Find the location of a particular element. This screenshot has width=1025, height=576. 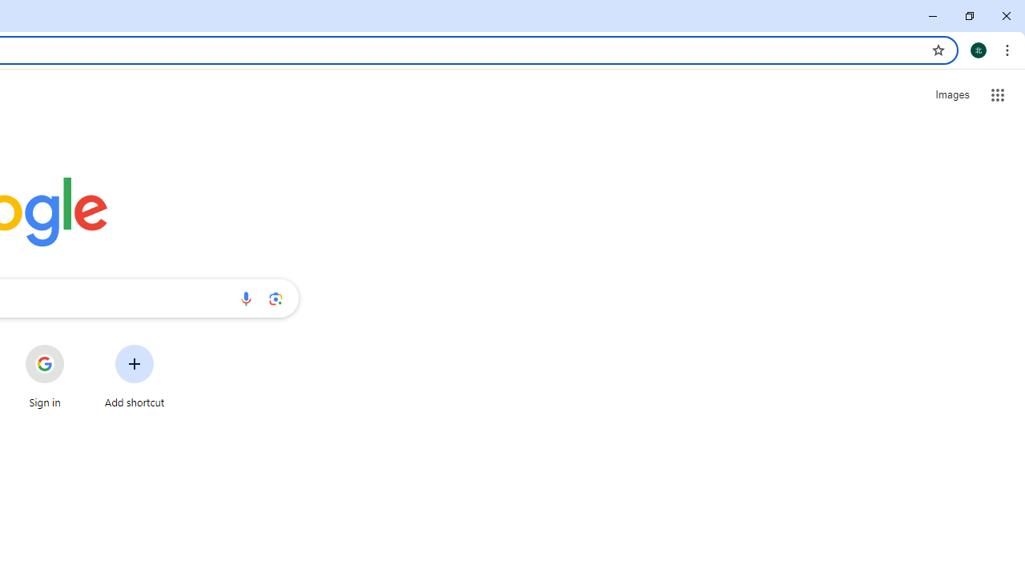

'More actions for Sign in shortcut' is located at coordinates (76, 346).